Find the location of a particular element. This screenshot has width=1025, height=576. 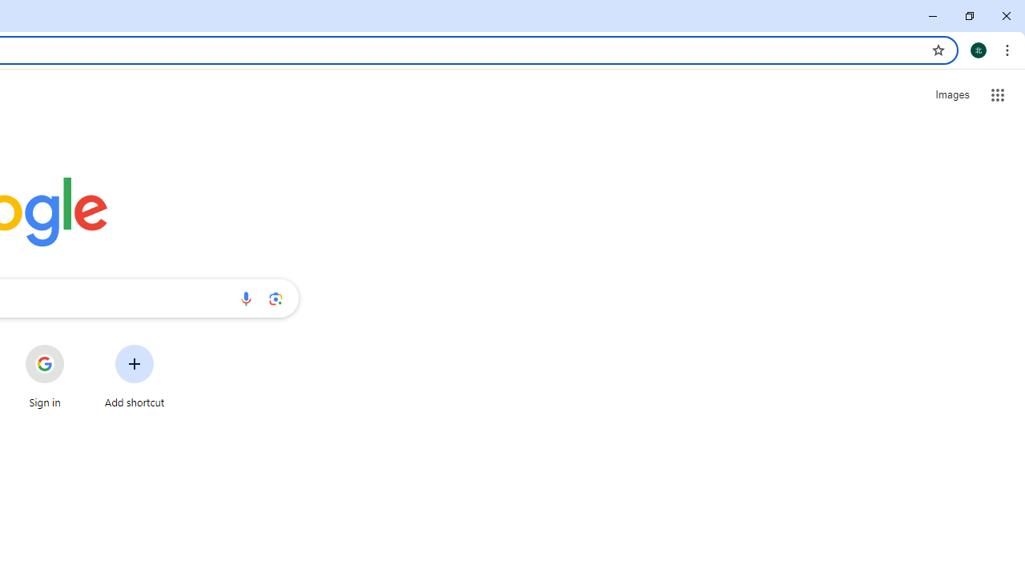

'More actions for Sign in shortcut' is located at coordinates (76, 346).